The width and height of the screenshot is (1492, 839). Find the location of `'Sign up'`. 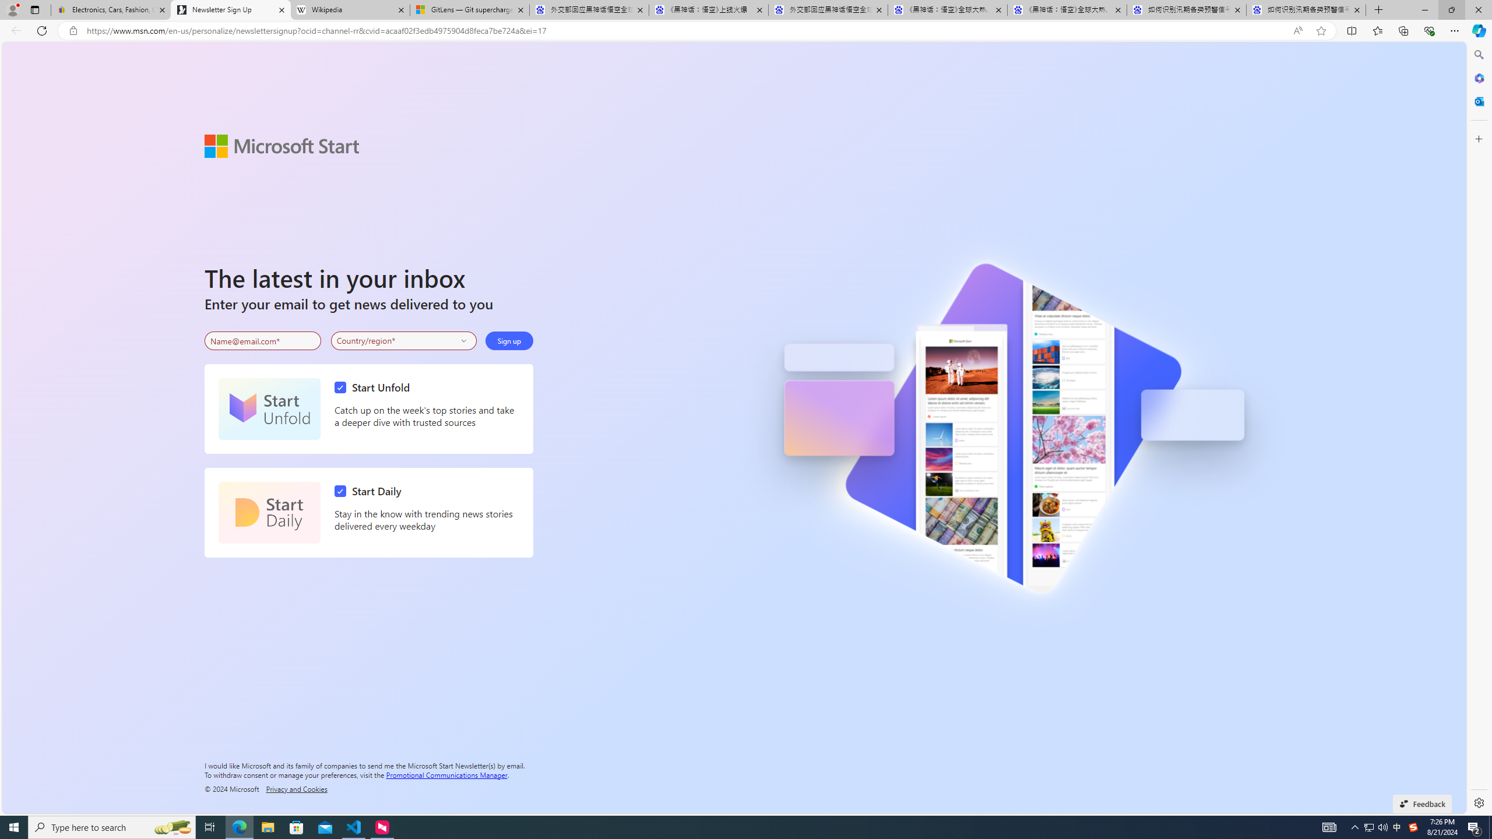

'Sign up' is located at coordinates (508, 341).